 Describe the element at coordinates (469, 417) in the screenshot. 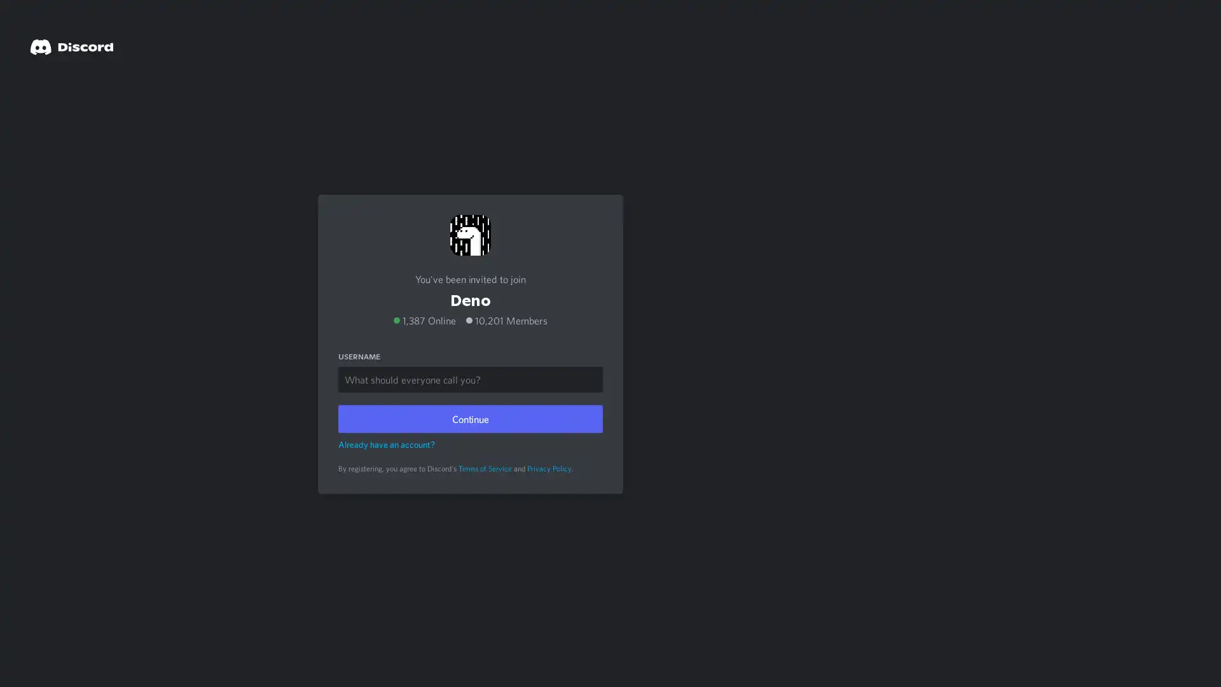

I see `Continue` at that location.